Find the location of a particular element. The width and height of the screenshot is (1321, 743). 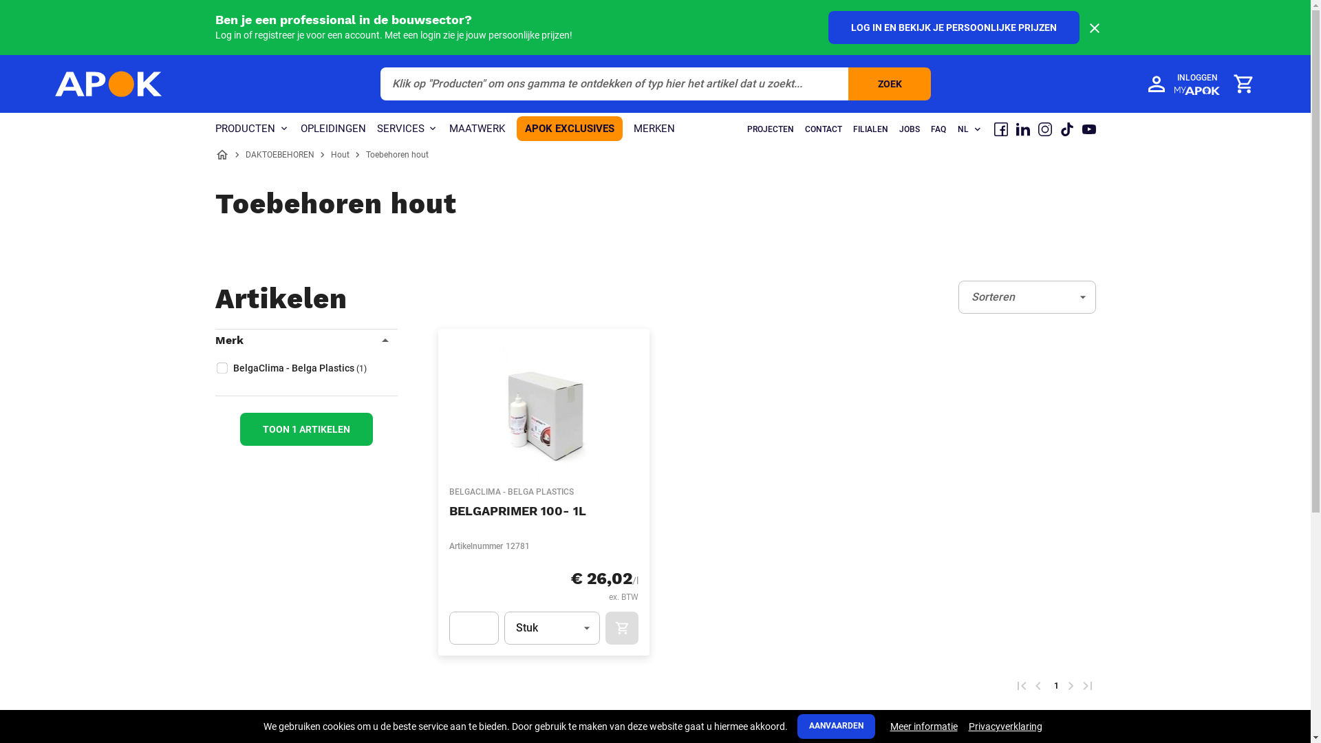

'MERKEN' is located at coordinates (653, 129).